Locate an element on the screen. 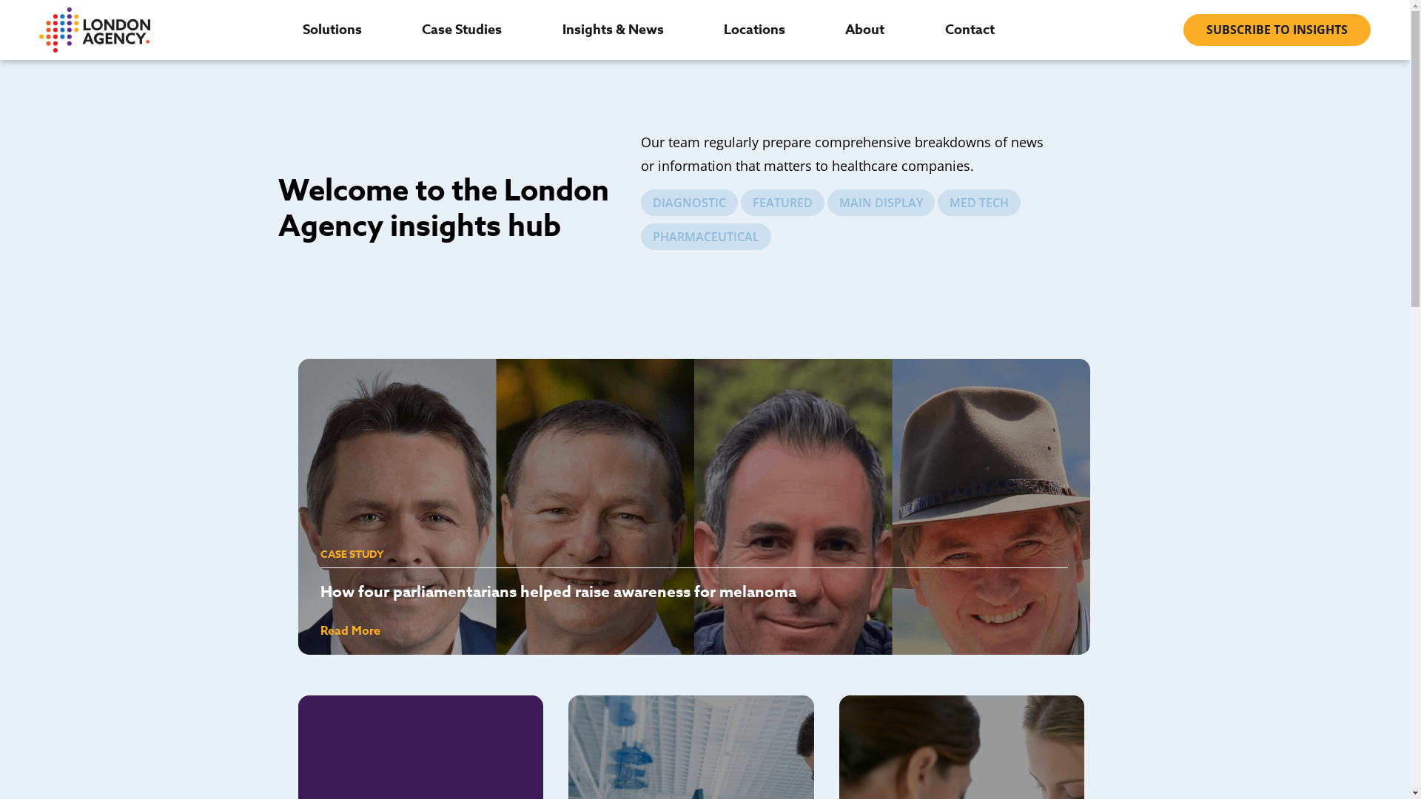 The image size is (1421, 799). 'MED TECH' is located at coordinates (937, 202).